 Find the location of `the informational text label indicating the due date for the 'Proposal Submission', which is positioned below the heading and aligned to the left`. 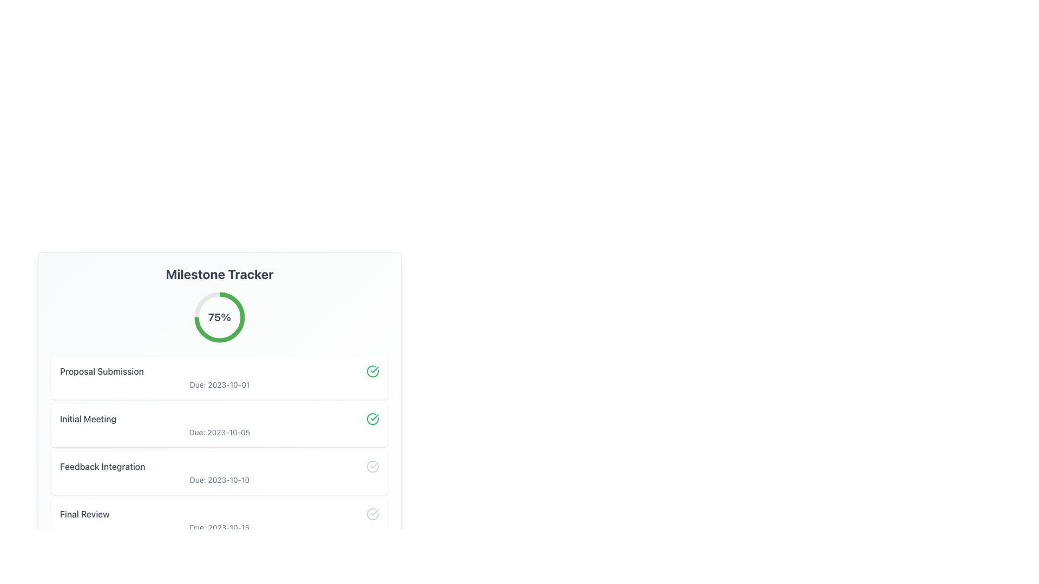

the informational text label indicating the due date for the 'Proposal Submission', which is positioned below the heading and aligned to the left is located at coordinates (219, 384).